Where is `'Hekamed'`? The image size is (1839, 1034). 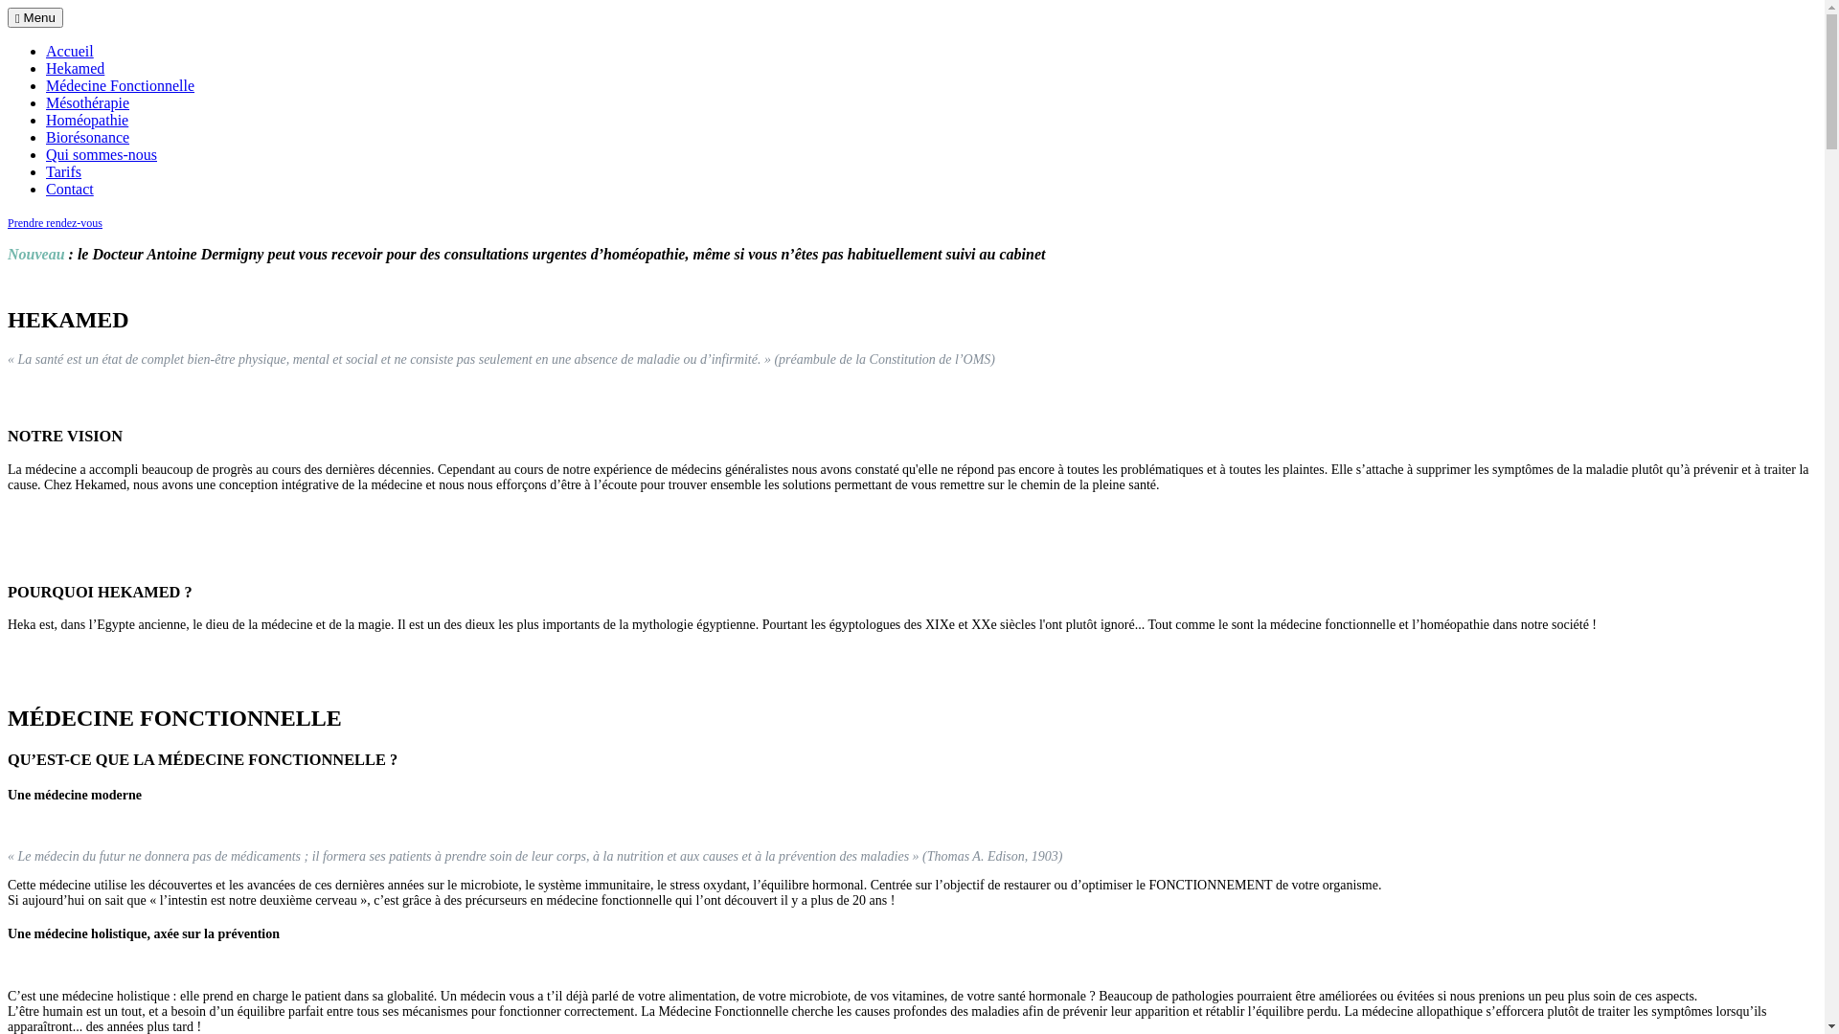
'Hekamed' is located at coordinates (75, 67).